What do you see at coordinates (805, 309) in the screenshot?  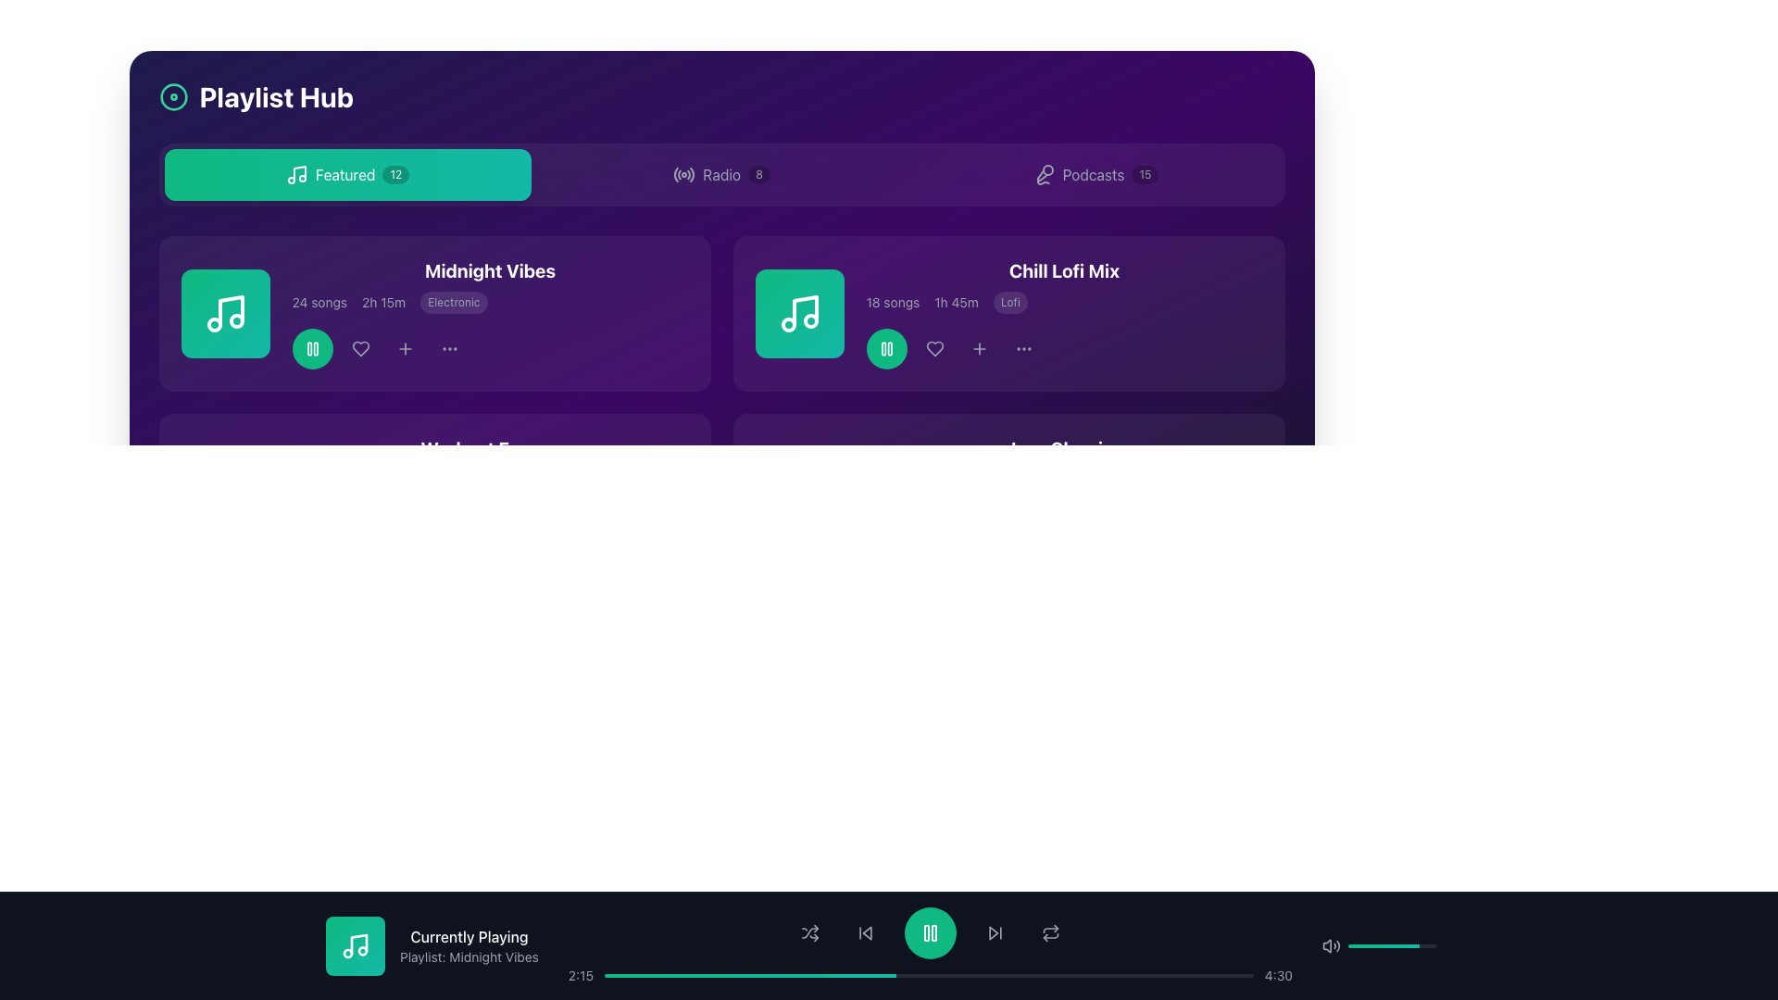 I see `the music note icon within the 'Chill Lofi Mix' playlist card, which features a bold vertical line representing a note stem` at bounding box center [805, 309].